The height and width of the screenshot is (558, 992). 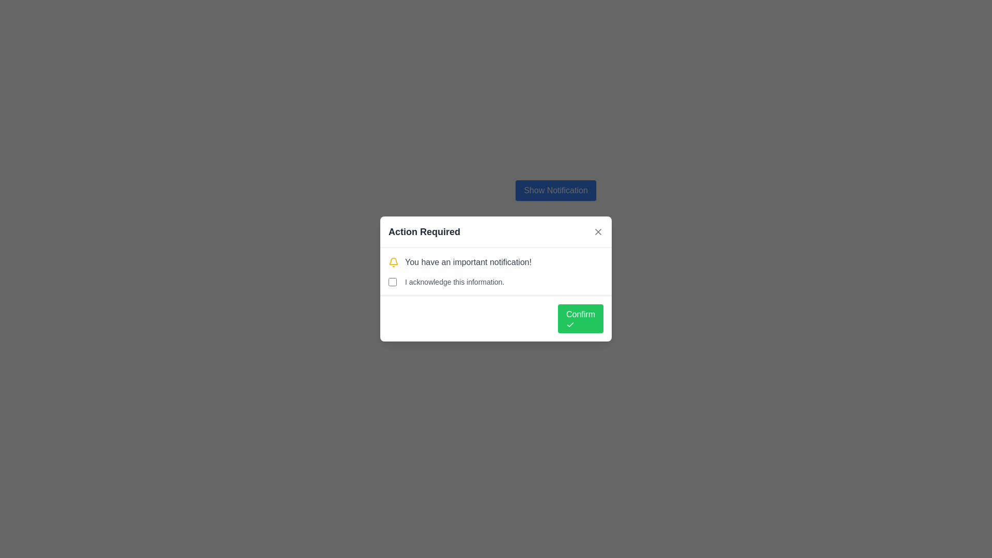 What do you see at coordinates (598, 231) in the screenshot?
I see `the close button represented by an 'X' icon in the header of the modal window to change its color to red` at bounding box center [598, 231].